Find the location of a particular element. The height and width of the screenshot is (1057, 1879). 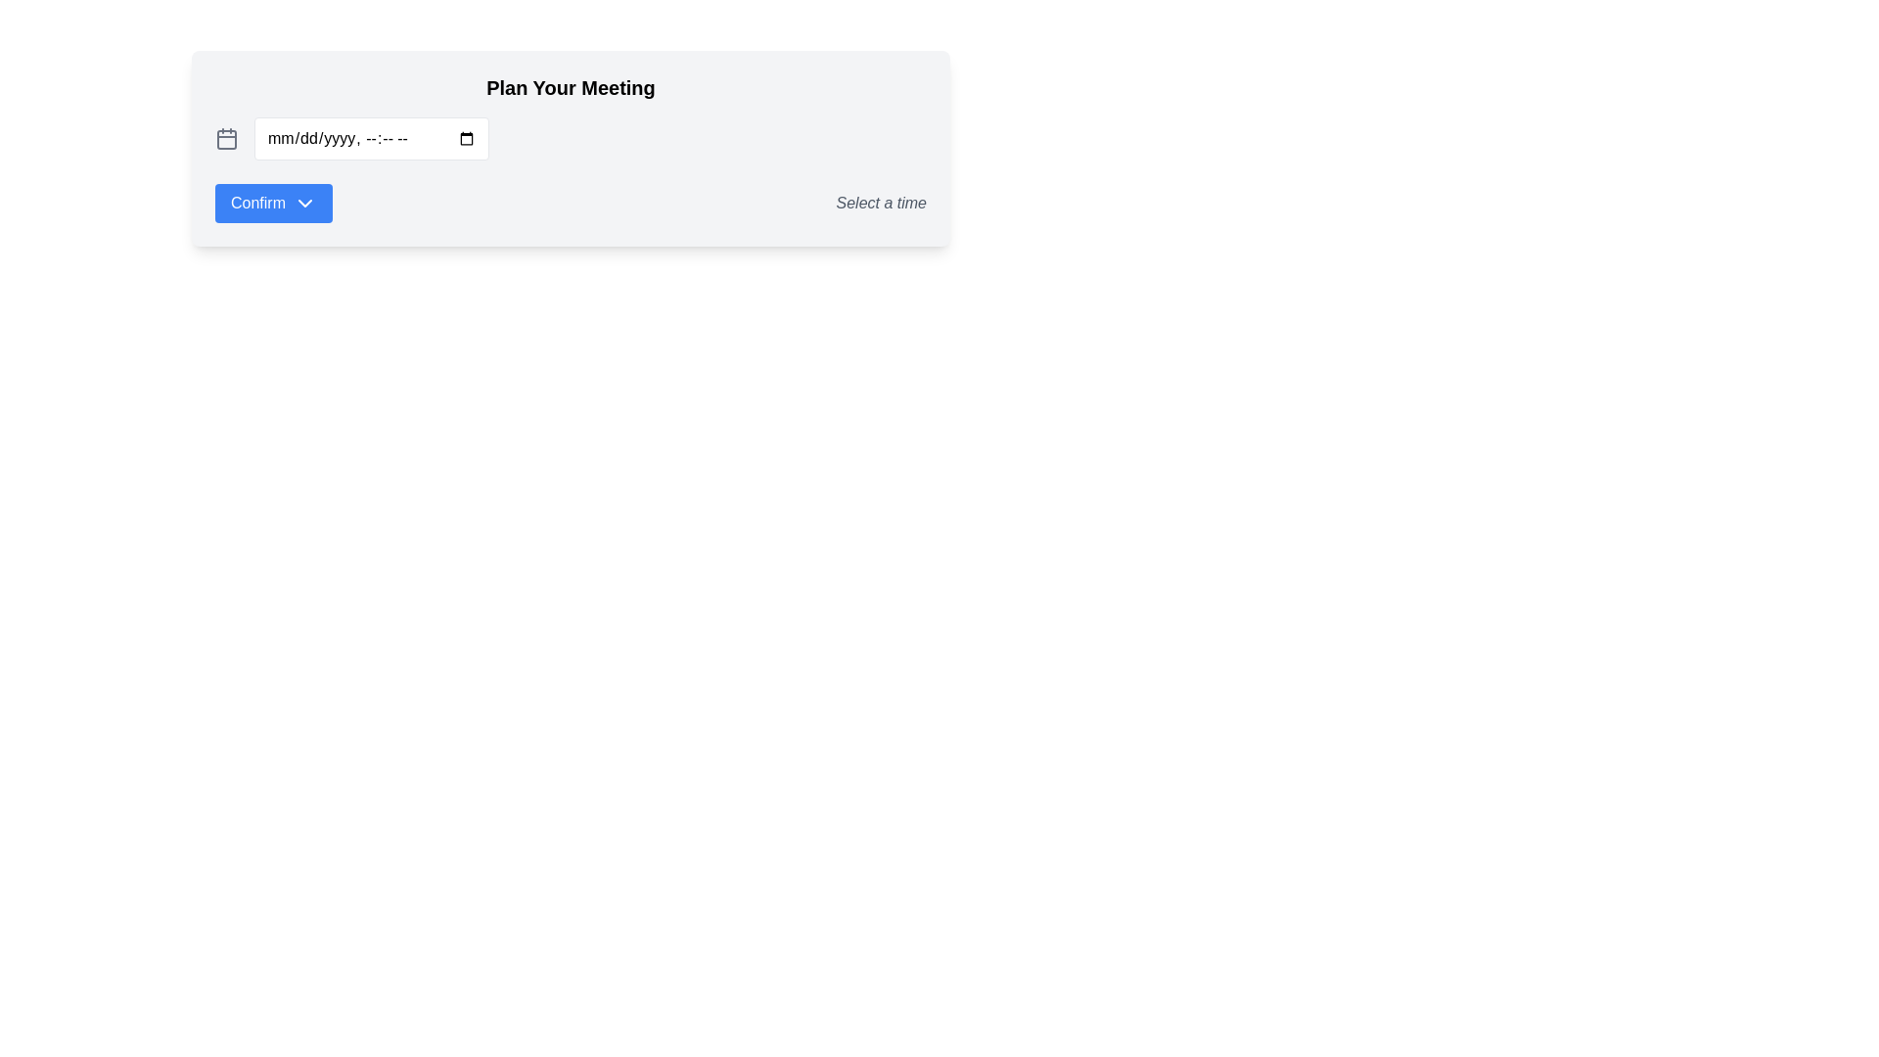

the static text label at the top of the interface, which serves as a title or heading for the content below it is located at coordinates (570, 86).